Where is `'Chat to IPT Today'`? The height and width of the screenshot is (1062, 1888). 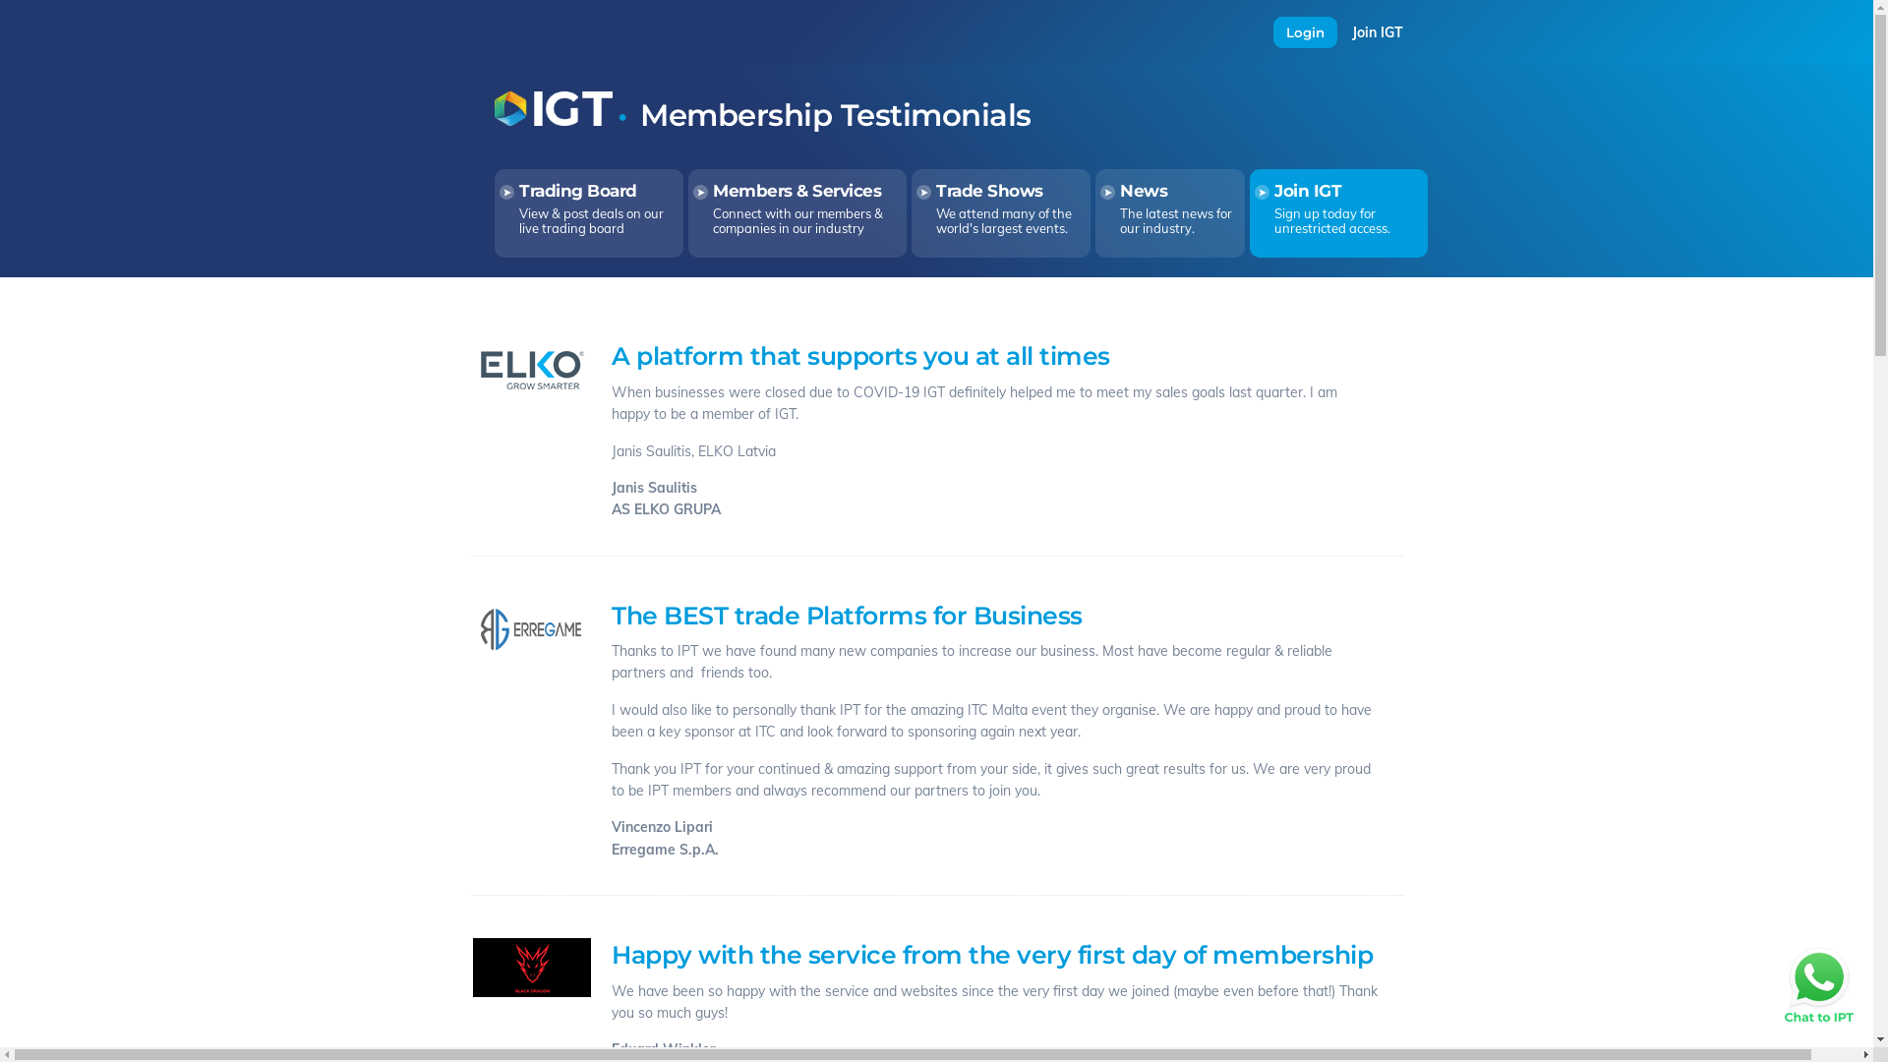
'Chat to IPT Today' is located at coordinates (1817, 985).